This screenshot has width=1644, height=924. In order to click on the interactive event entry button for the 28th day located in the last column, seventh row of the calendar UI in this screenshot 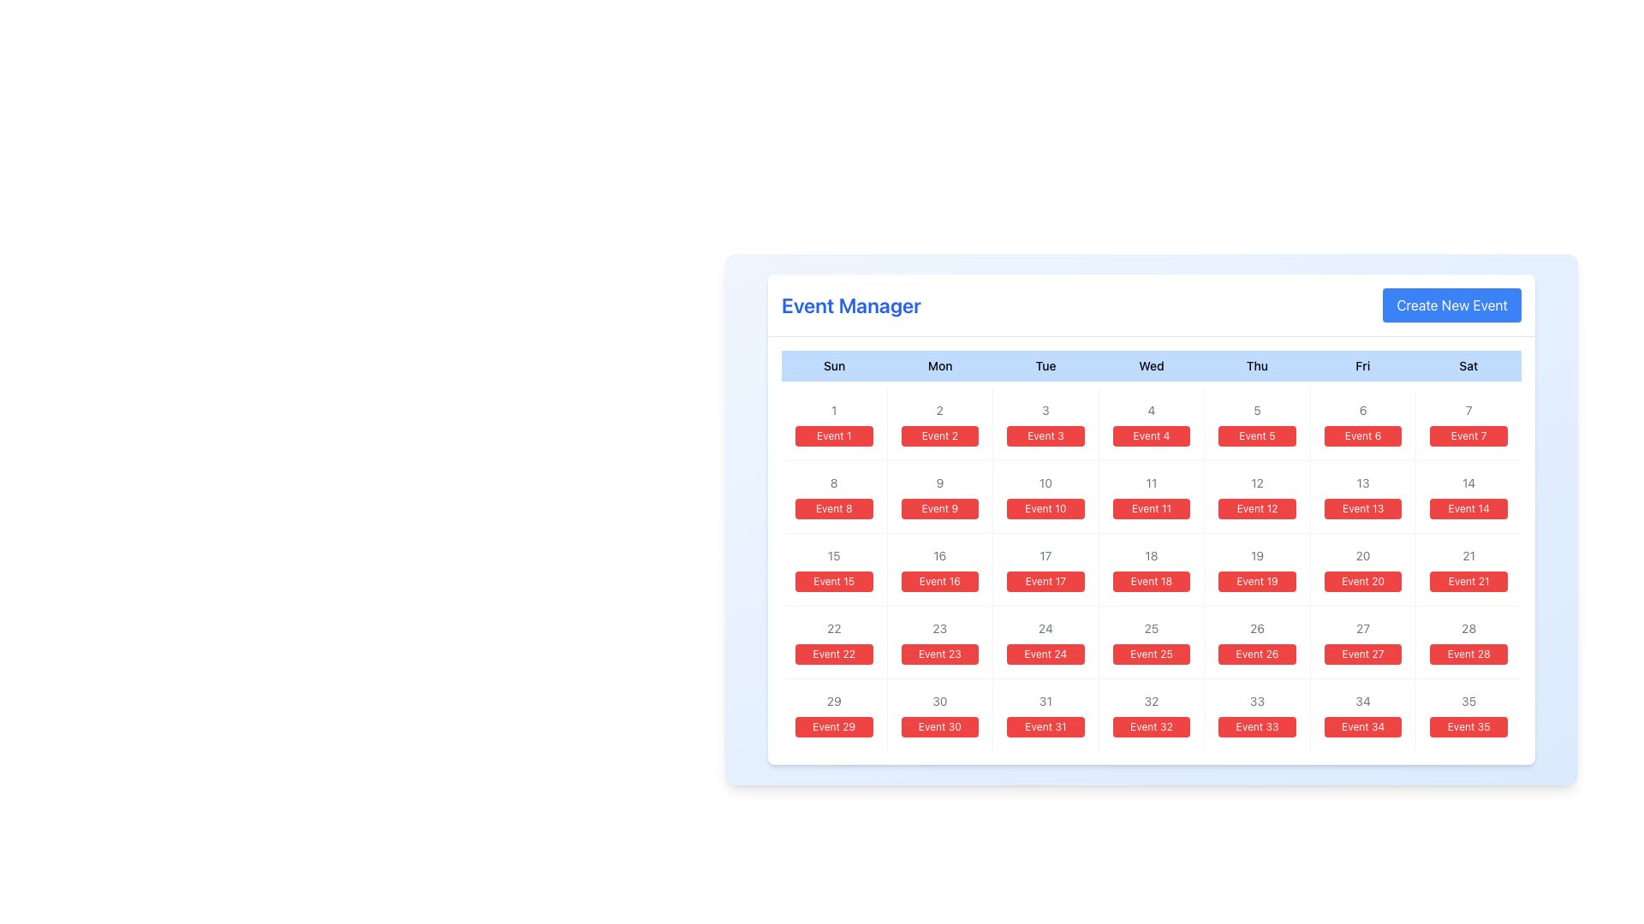, I will do `click(1468, 643)`.